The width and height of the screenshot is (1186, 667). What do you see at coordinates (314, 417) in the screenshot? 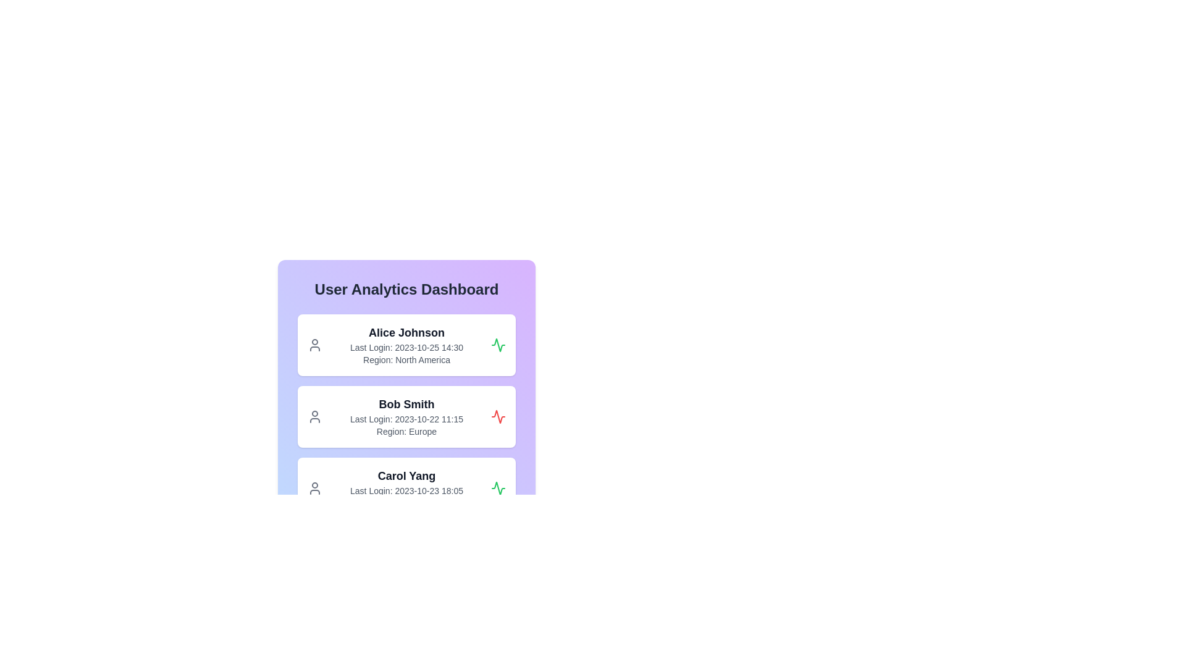
I see `the user figure icon displayed in grayscale, which features a circular head and a semi-elliptical body, located to the left of the text 'Bob Smith'` at bounding box center [314, 417].